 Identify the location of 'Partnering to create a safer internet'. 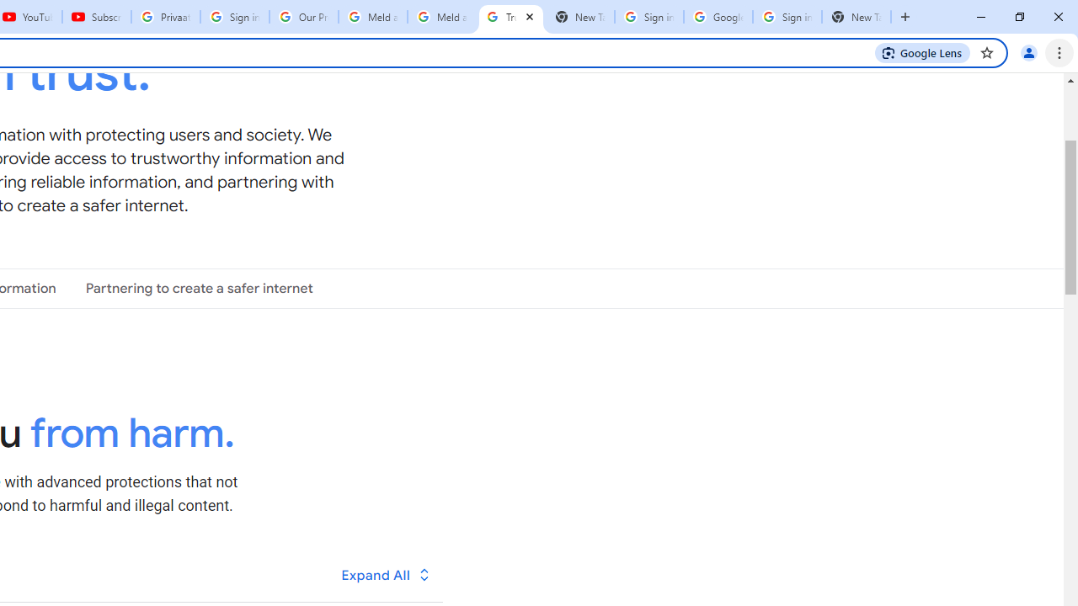
(199, 288).